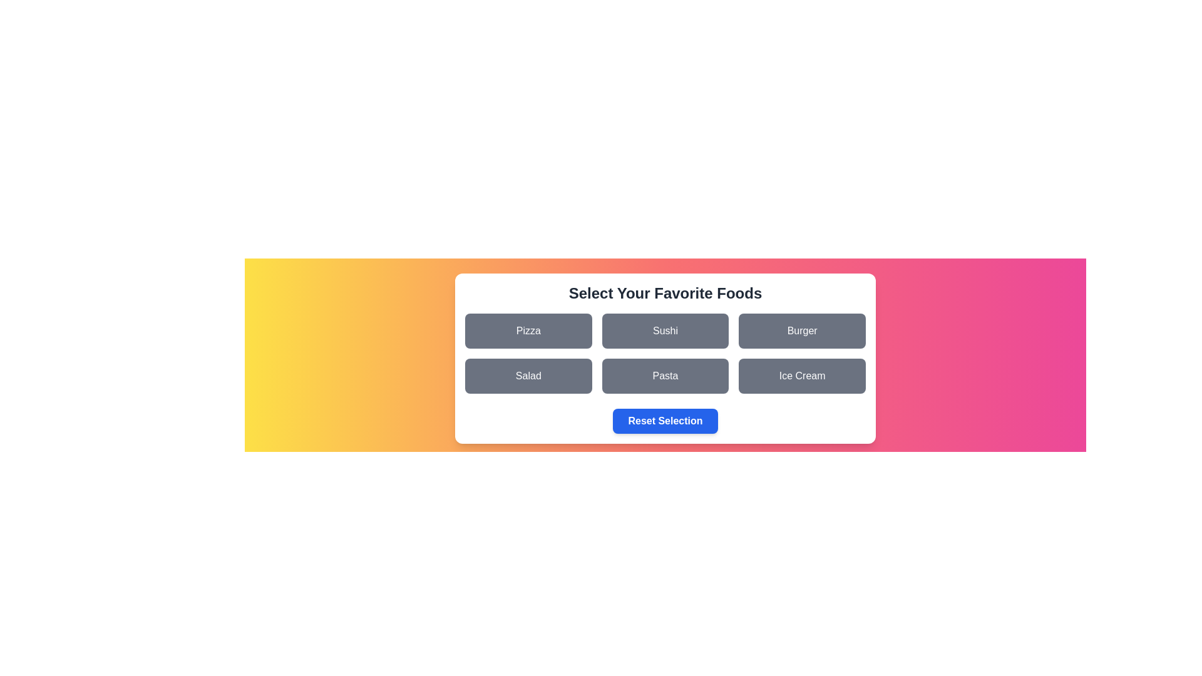 Image resolution: width=1202 pixels, height=676 pixels. Describe the element at coordinates (528, 330) in the screenshot. I see `the food item Pizza to observe the hover effect` at that location.